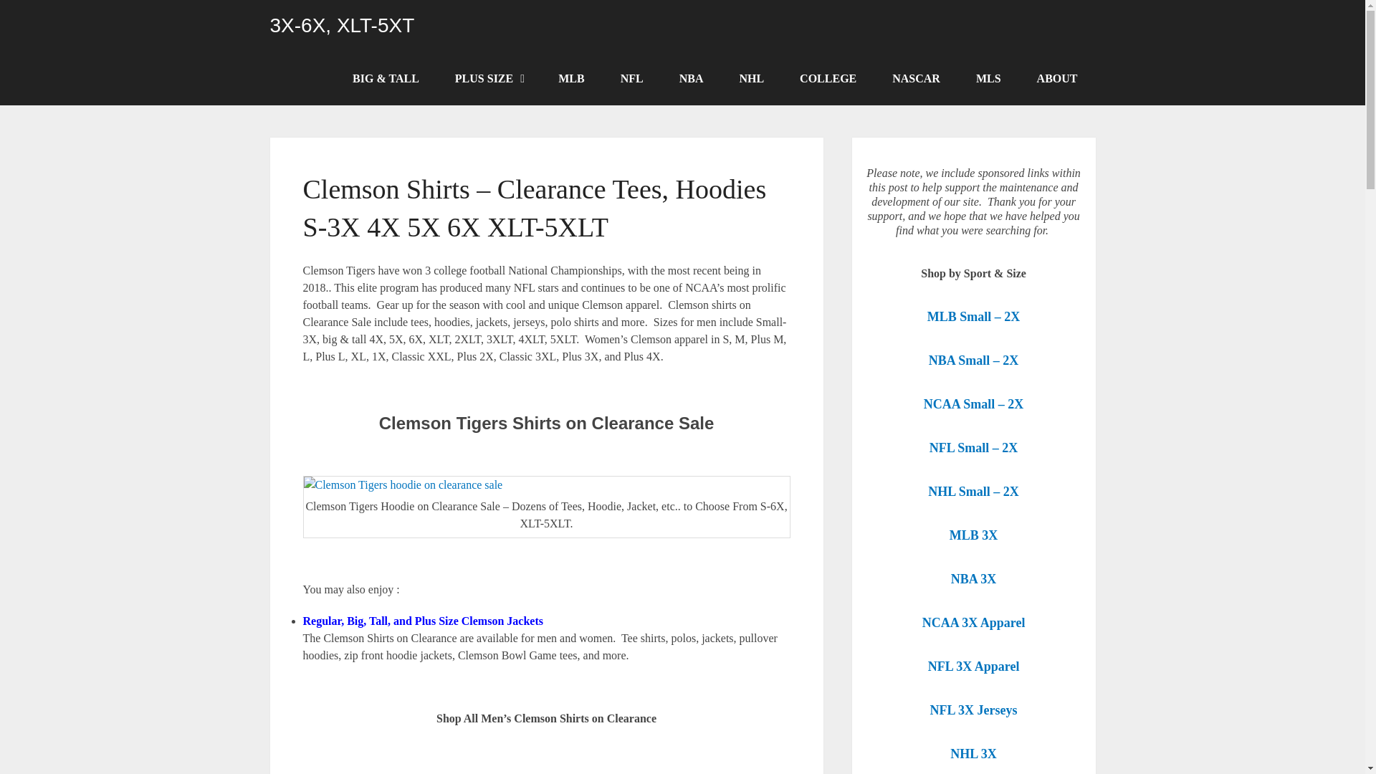 Image resolution: width=1376 pixels, height=774 pixels. Describe the element at coordinates (973, 535) in the screenshot. I see `'MLB 3X'` at that location.